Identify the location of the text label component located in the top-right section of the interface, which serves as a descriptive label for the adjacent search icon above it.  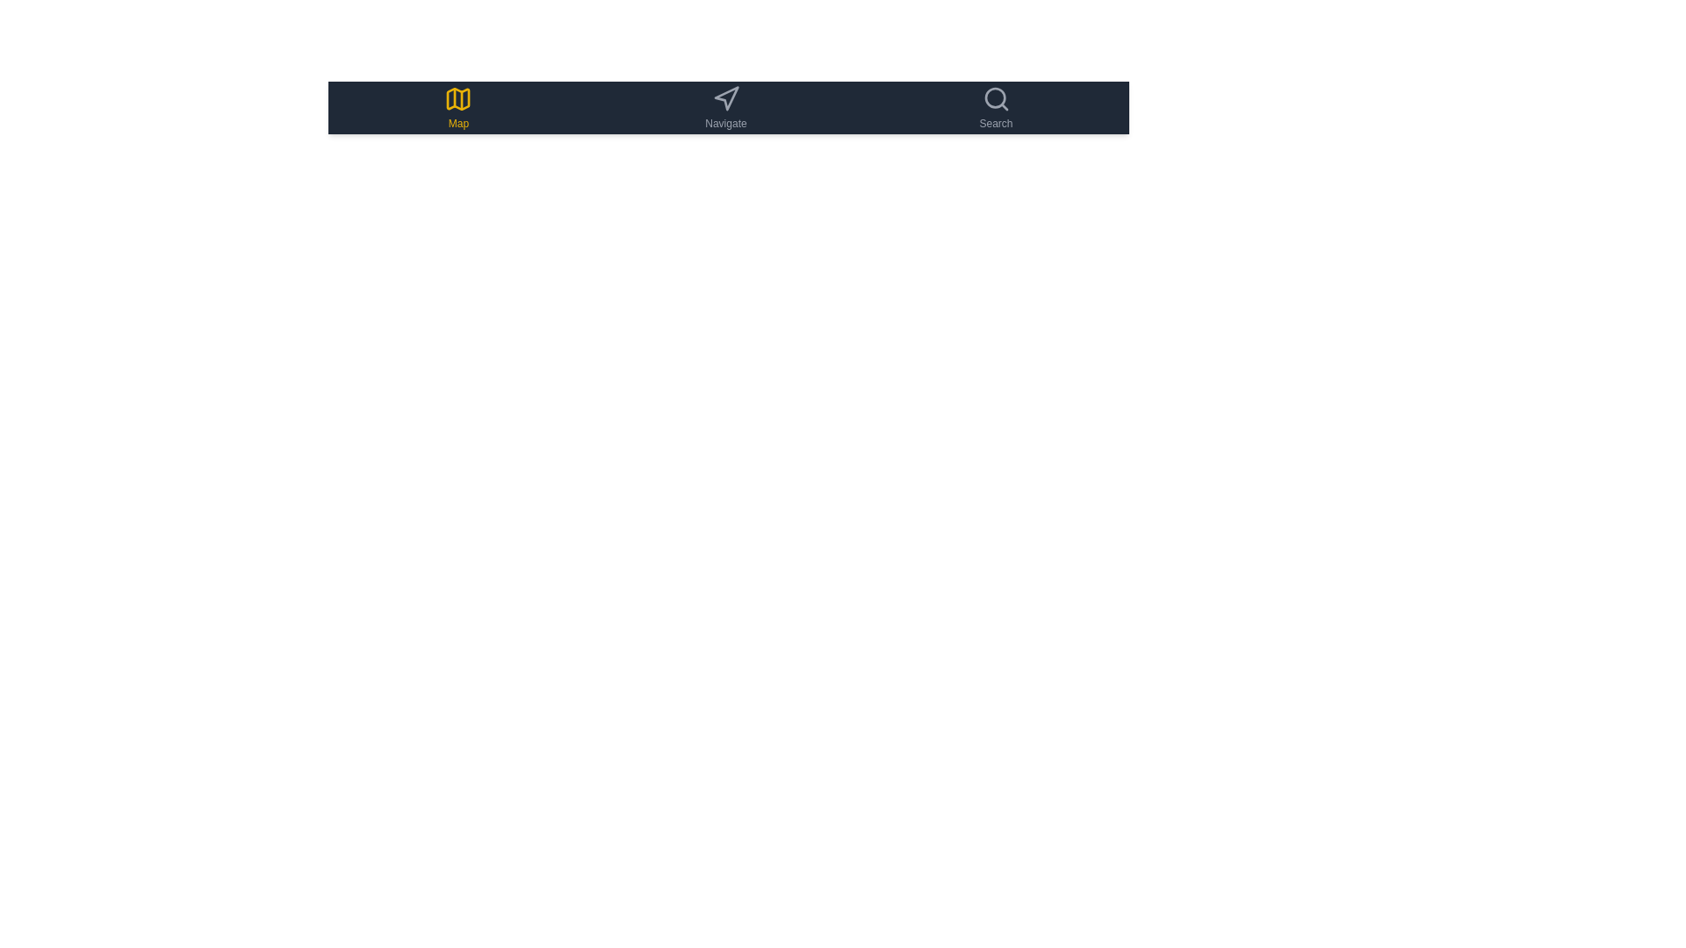
(996, 123).